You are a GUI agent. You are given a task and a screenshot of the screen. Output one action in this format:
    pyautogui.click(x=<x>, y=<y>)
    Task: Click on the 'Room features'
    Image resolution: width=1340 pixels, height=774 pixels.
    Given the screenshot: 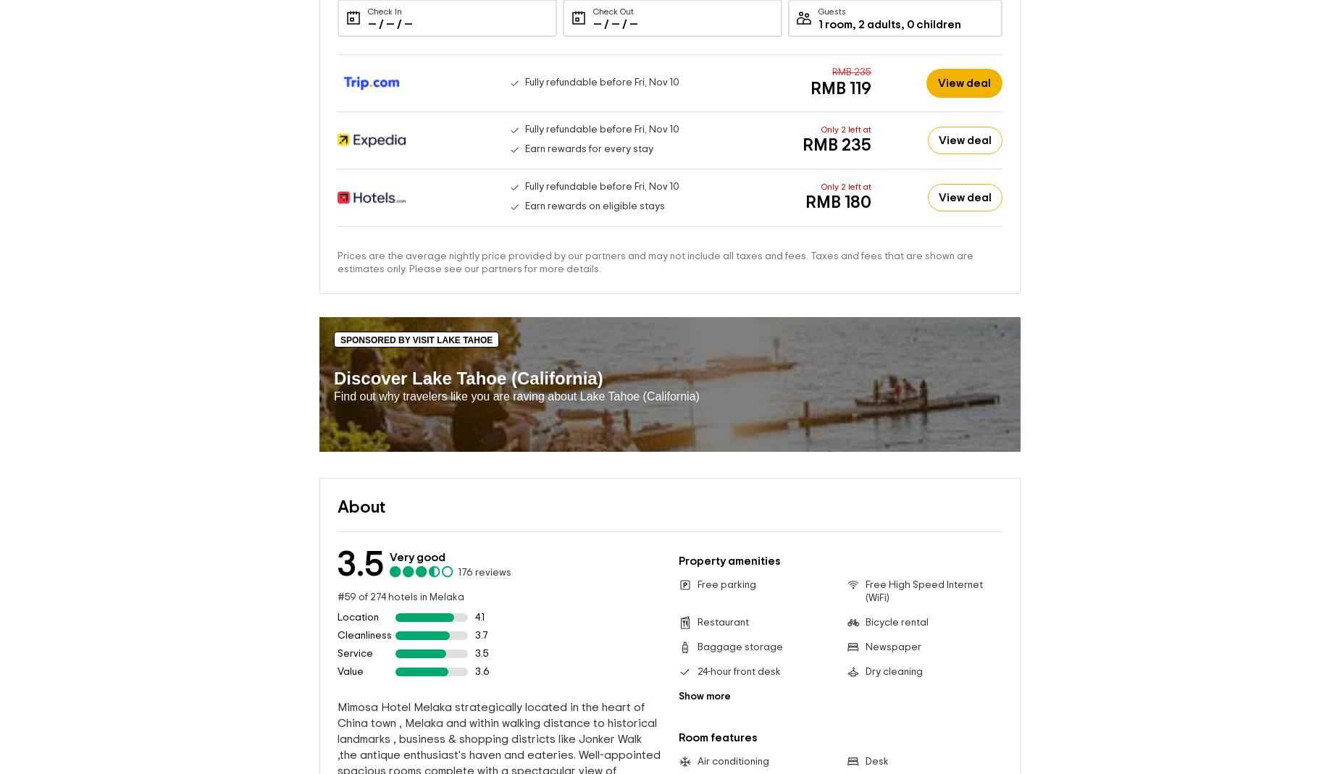 What is the action you would take?
    pyautogui.click(x=678, y=737)
    